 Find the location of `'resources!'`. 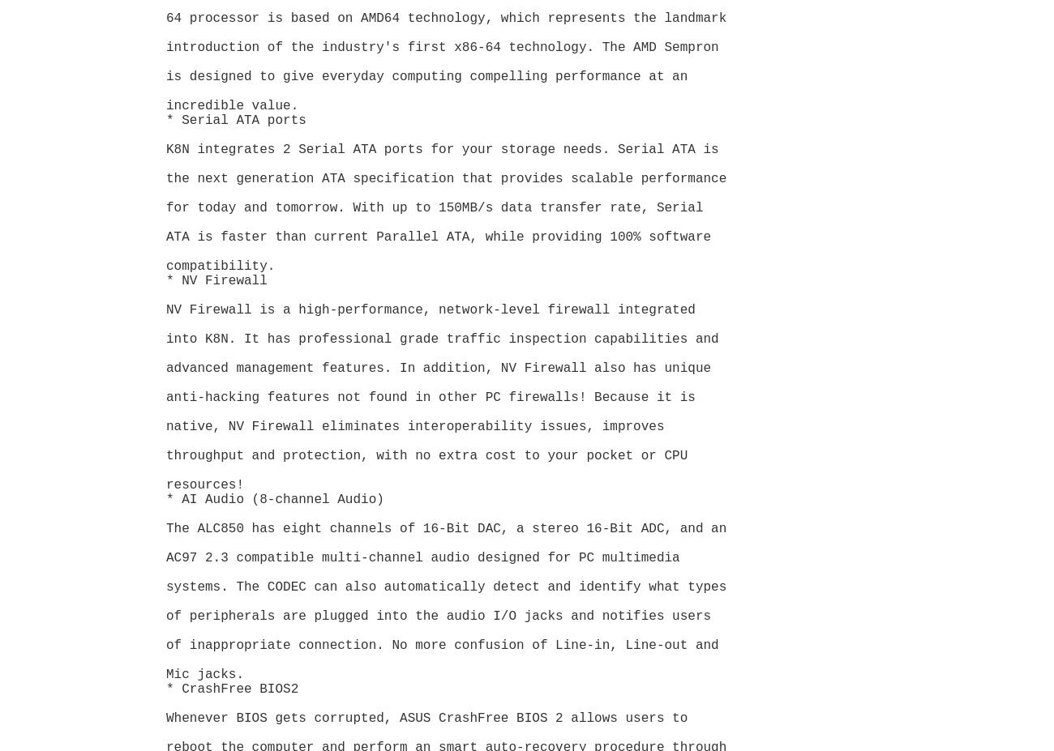

'resources!' is located at coordinates (166, 485).